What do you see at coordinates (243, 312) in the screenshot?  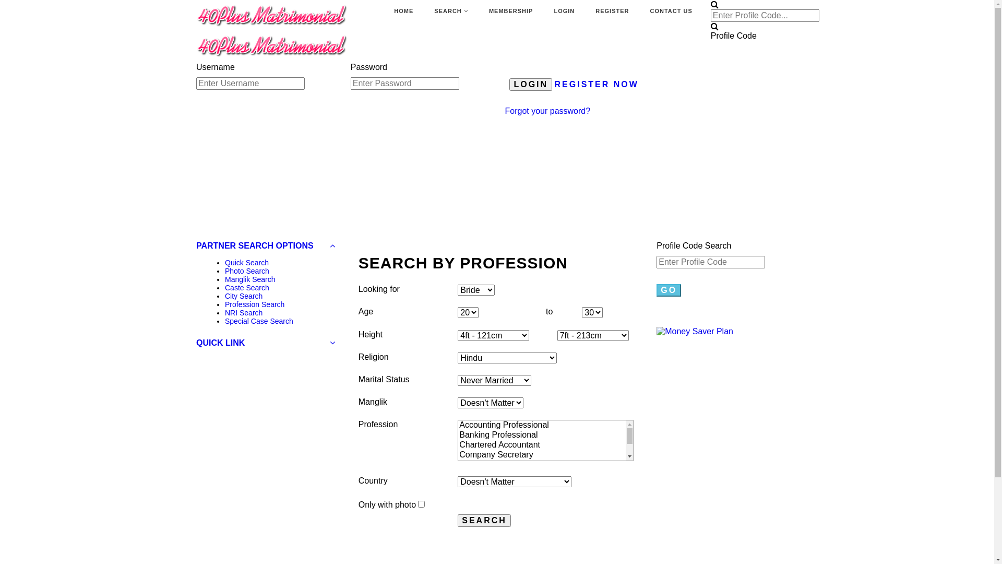 I see `'NRI Search'` at bounding box center [243, 312].